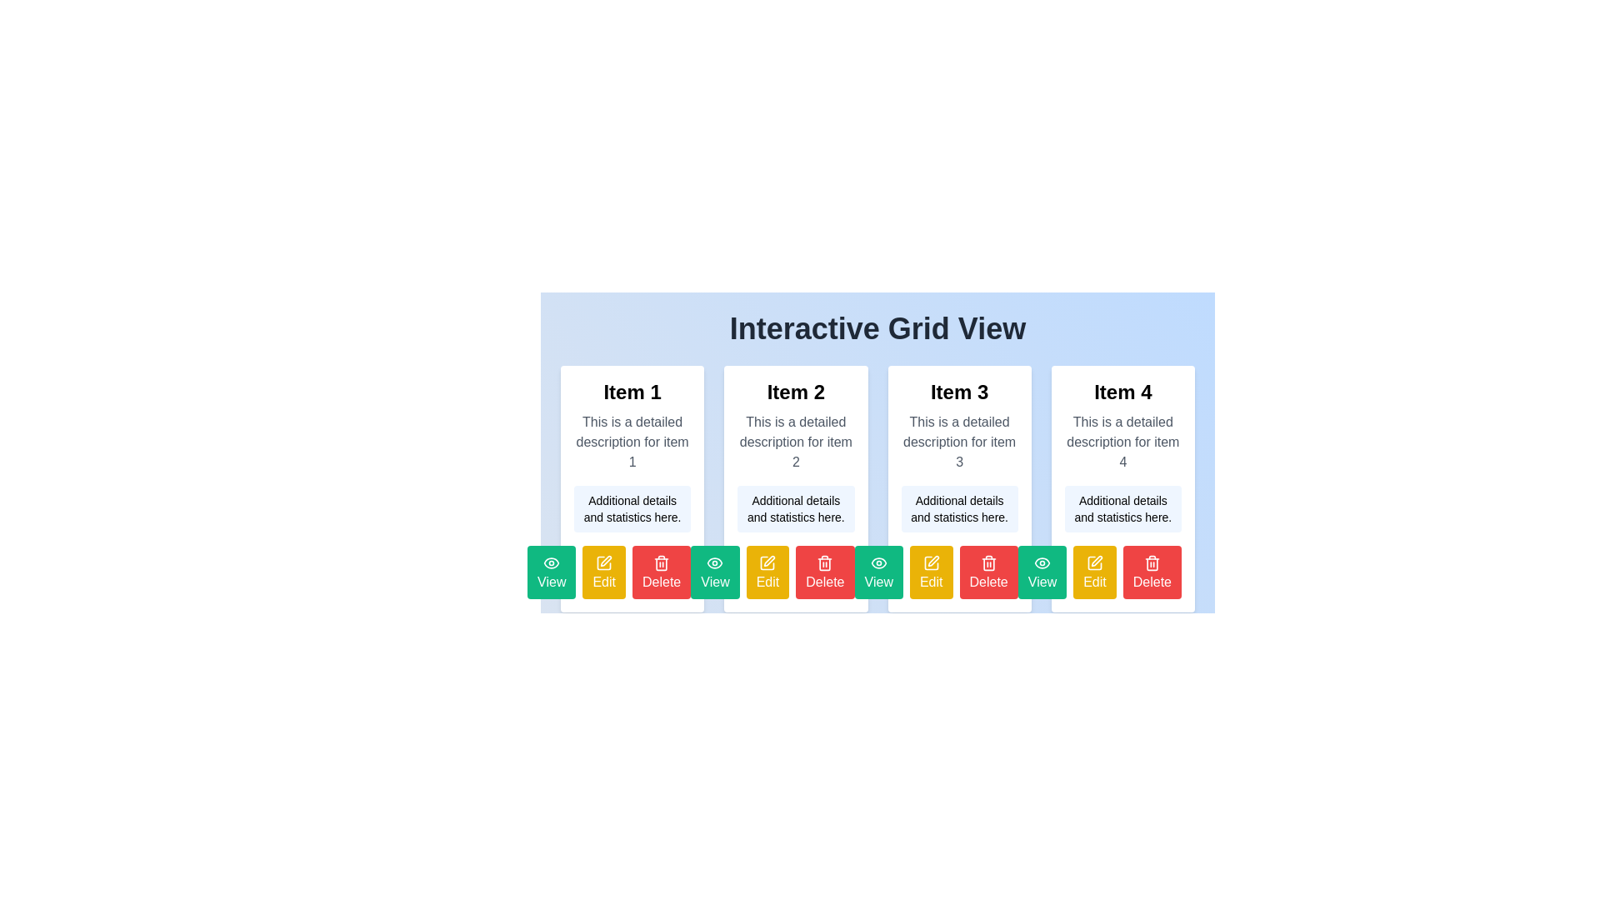  What do you see at coordinates (1151, 562) in the screenshot?
I see `the Trash Can icon located left of the 'Delete' label in the action bar for 'Item 3'` at bounding box center [1151, 562].